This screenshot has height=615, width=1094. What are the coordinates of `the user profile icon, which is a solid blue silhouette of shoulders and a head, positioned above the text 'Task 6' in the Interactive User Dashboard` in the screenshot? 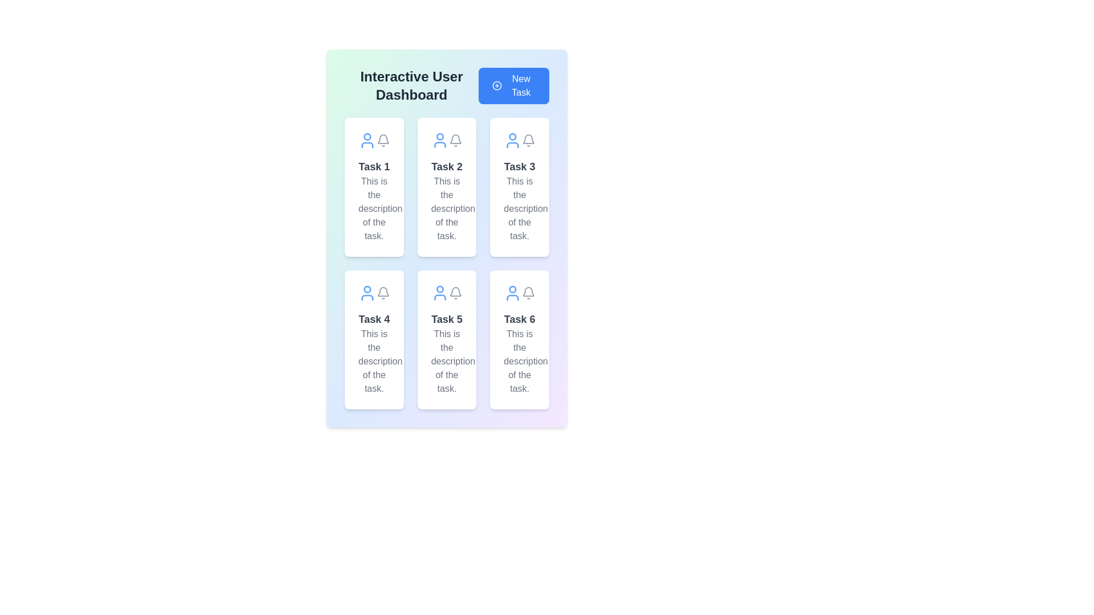 It's located at (512, 297).